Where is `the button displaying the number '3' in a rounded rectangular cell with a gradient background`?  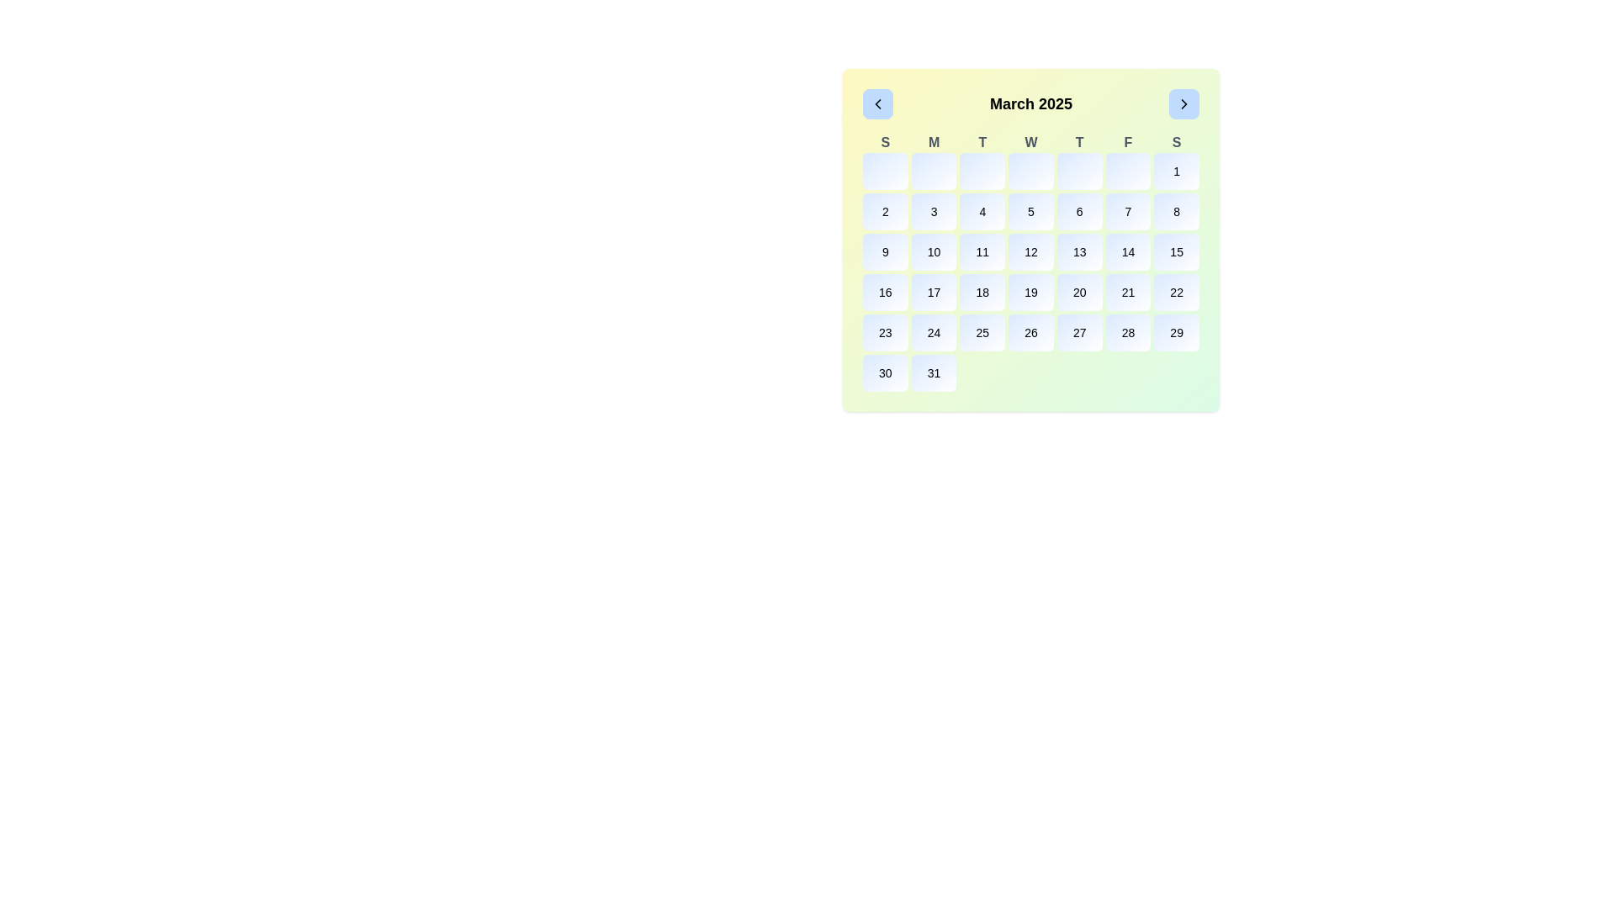 the button displaying the number '3' in a rounded rectangular cell with a gradient background is located at coordinates (933, 210).